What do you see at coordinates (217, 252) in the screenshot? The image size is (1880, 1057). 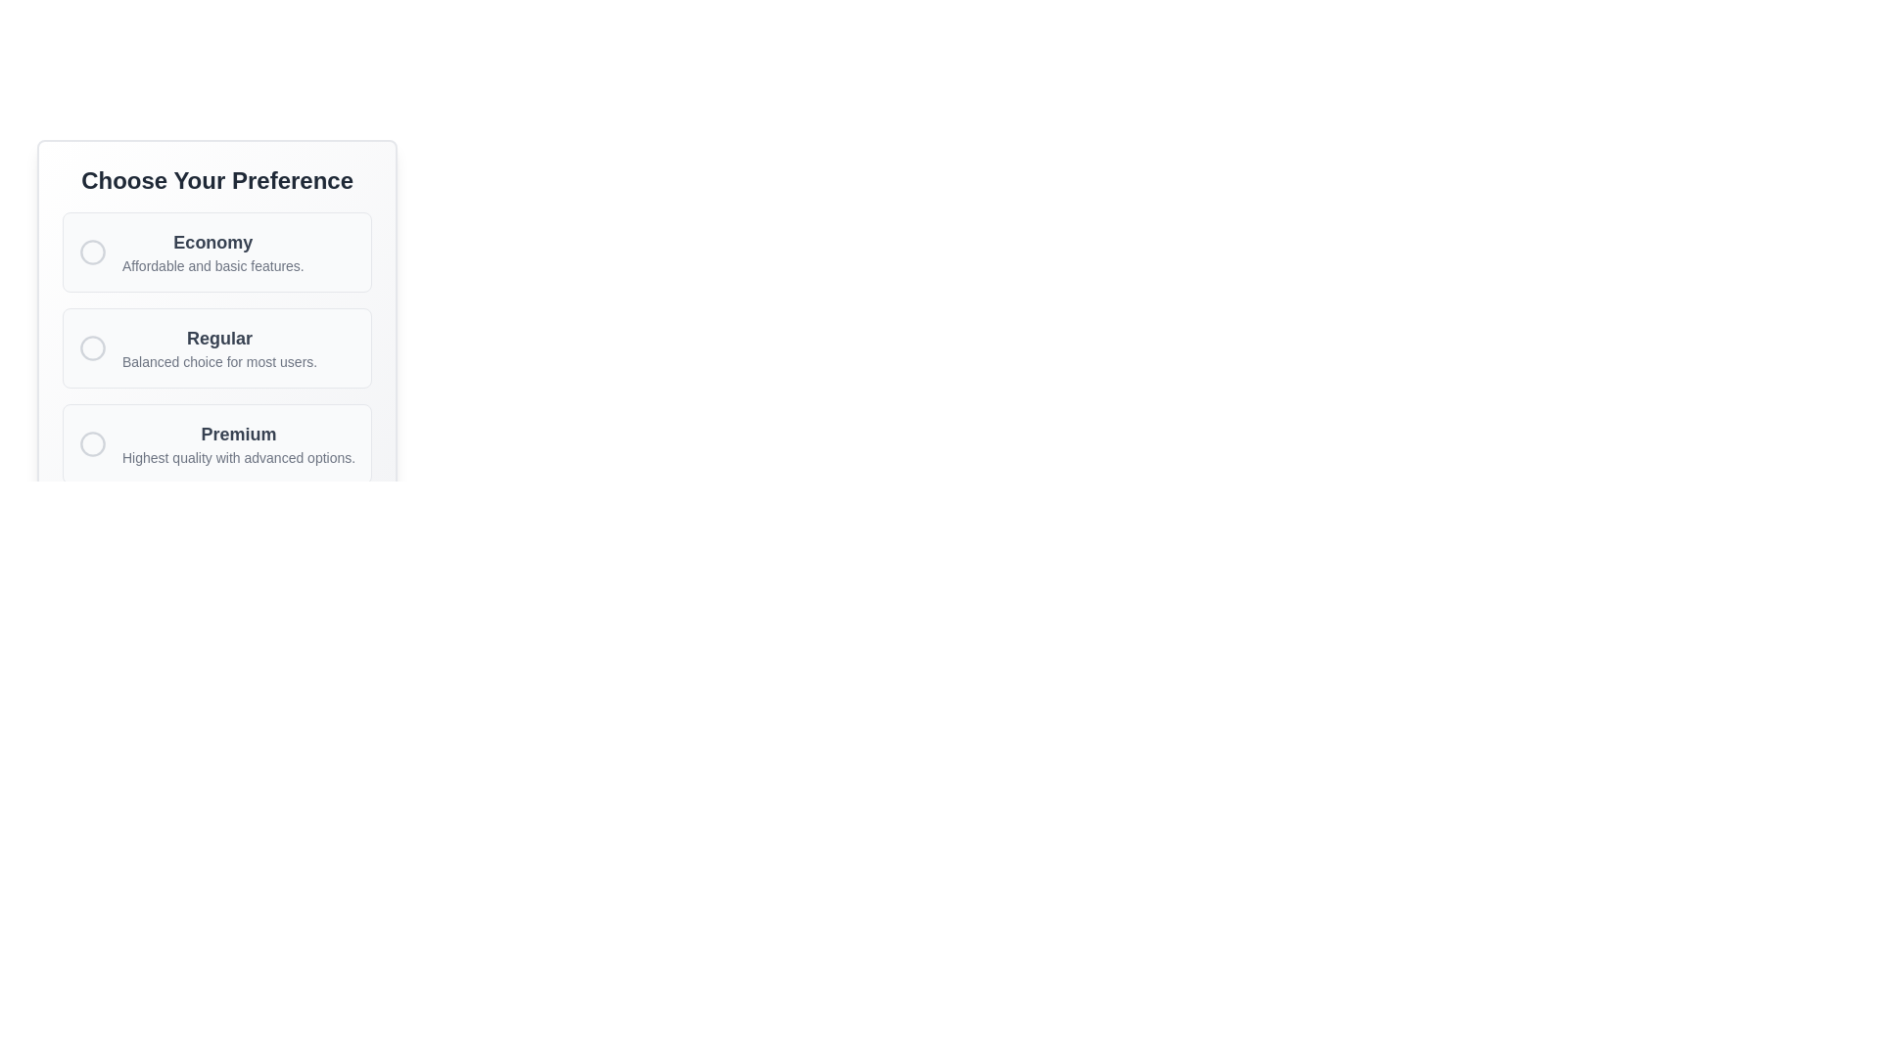 I see `the first selectable option in the radio button group labeled 'Economy' under the title 'Choose Your Preference'` at bounding box center [217, 252].